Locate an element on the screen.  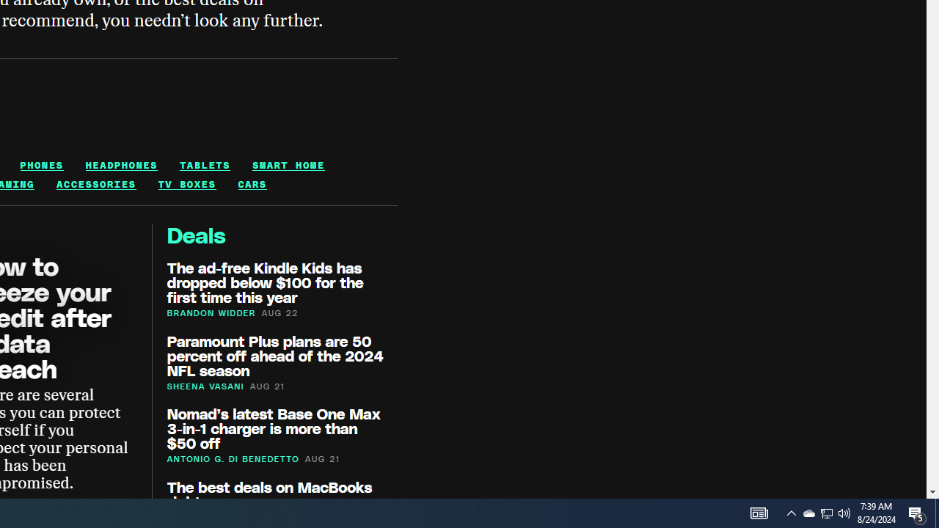
'TABLETS' is located at coordinates (204, 165).